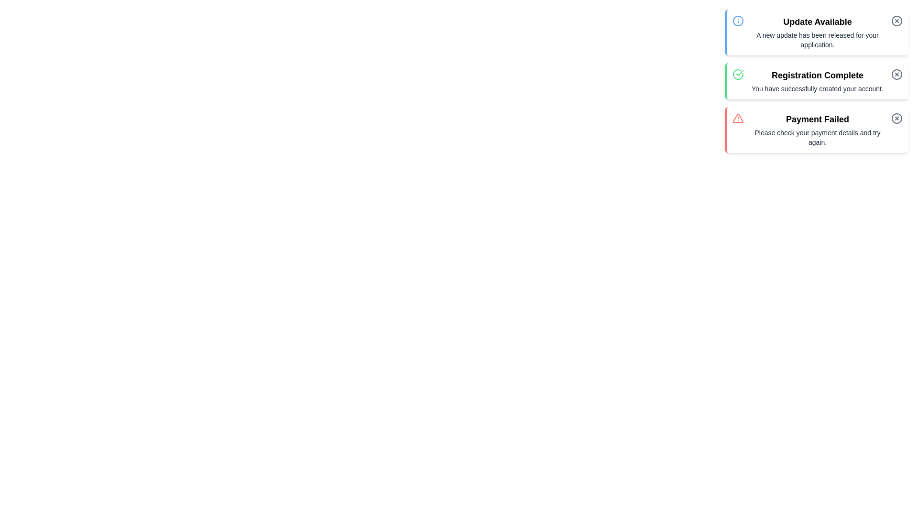 This screenshot has width=918, height=516. Describe the element at coordinates (896, 21) in the screenshot. I see `the dismiss button located in the top-right corner of the 'Update Available' notification card` at that location.